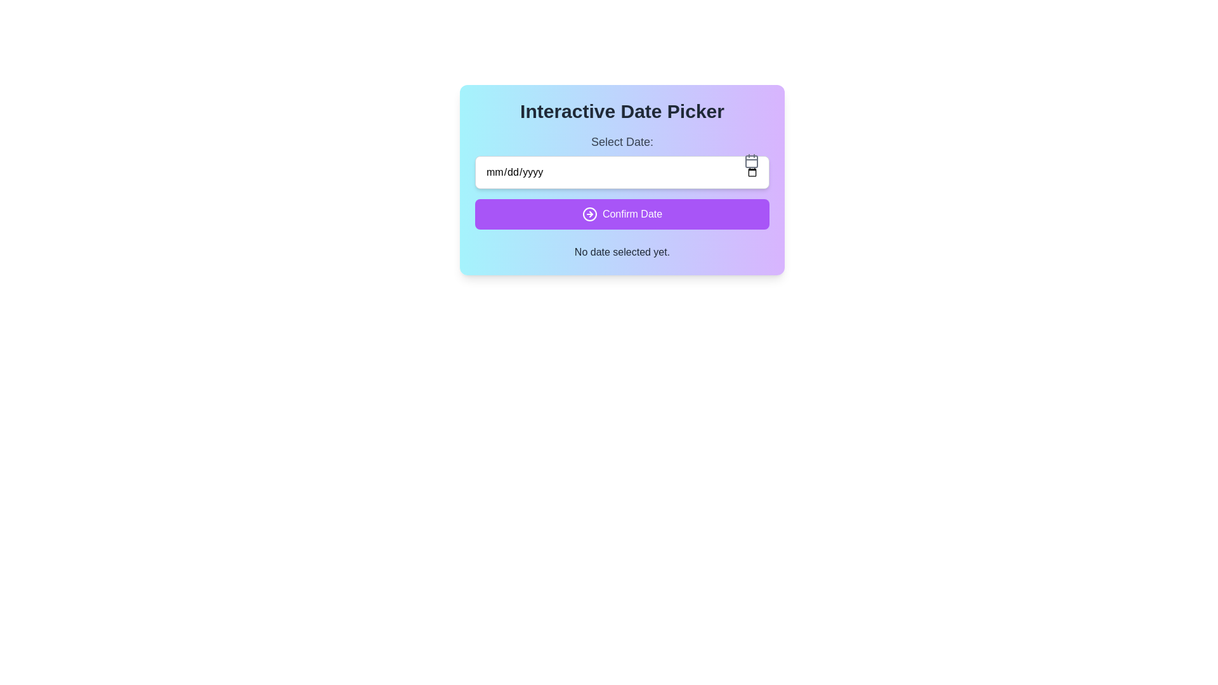 The width and height of the screenshot is (1218, 685). I want to click on the text label that displays 'Select Date:' which is positioned at the top of the date picker interface, so click(622, 141).